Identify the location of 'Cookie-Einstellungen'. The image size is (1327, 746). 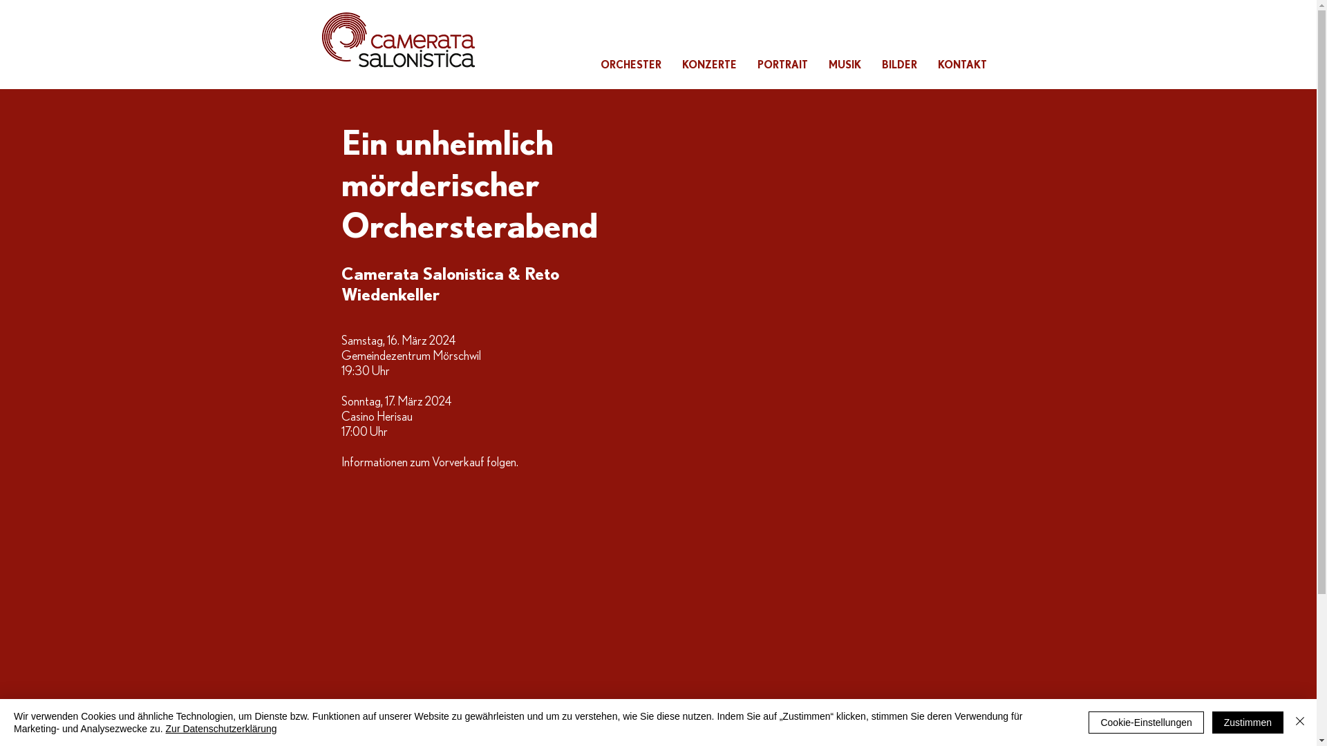
(1145, 721).